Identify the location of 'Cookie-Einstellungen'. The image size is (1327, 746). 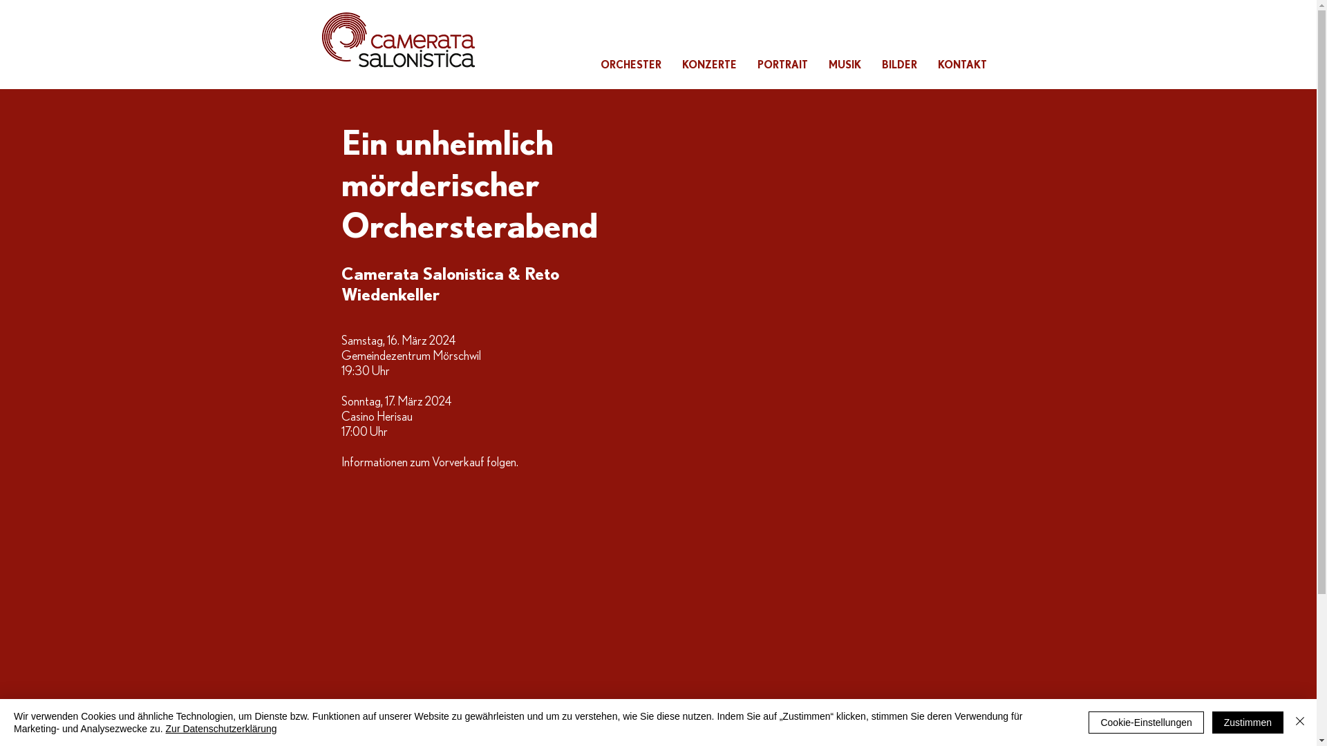
(1145, 721).